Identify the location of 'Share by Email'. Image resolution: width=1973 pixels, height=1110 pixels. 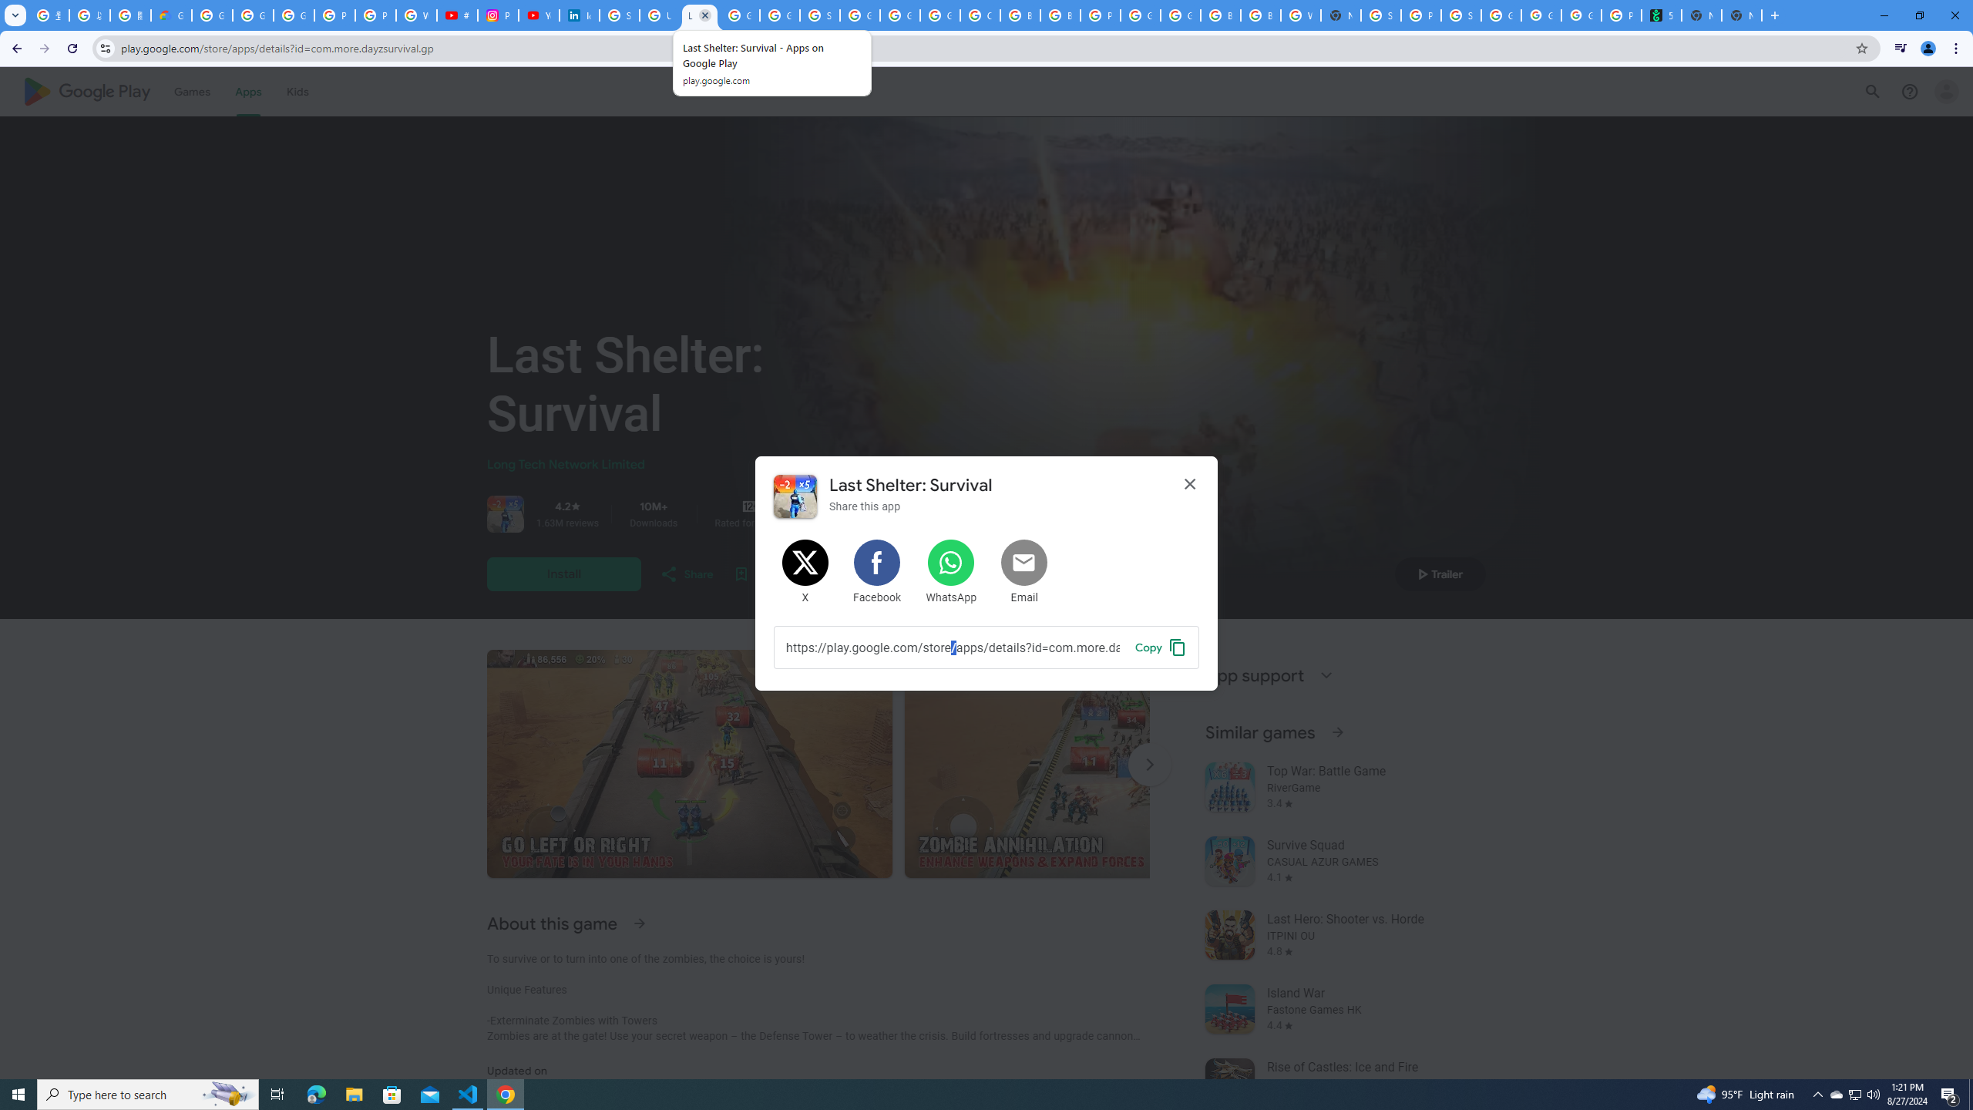
(1023, 572).